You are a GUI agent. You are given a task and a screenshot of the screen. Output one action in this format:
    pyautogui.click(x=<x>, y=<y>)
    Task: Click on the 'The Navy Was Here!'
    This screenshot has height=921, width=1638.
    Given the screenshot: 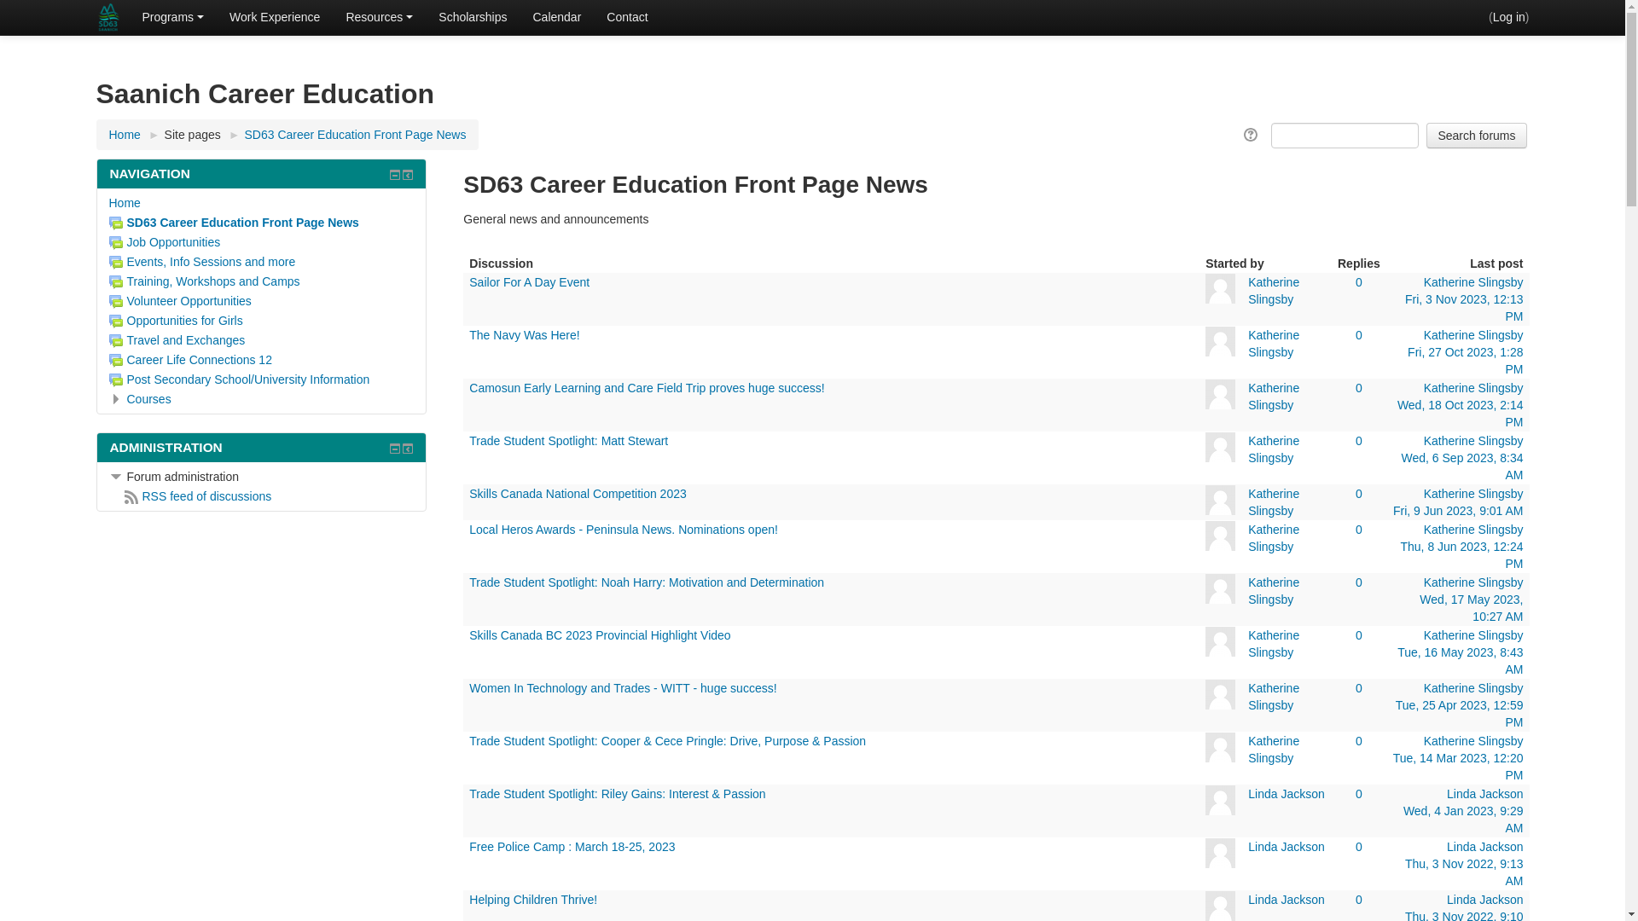 What is the action you would take?
    pyautogui.click(x=523, y=335)
    